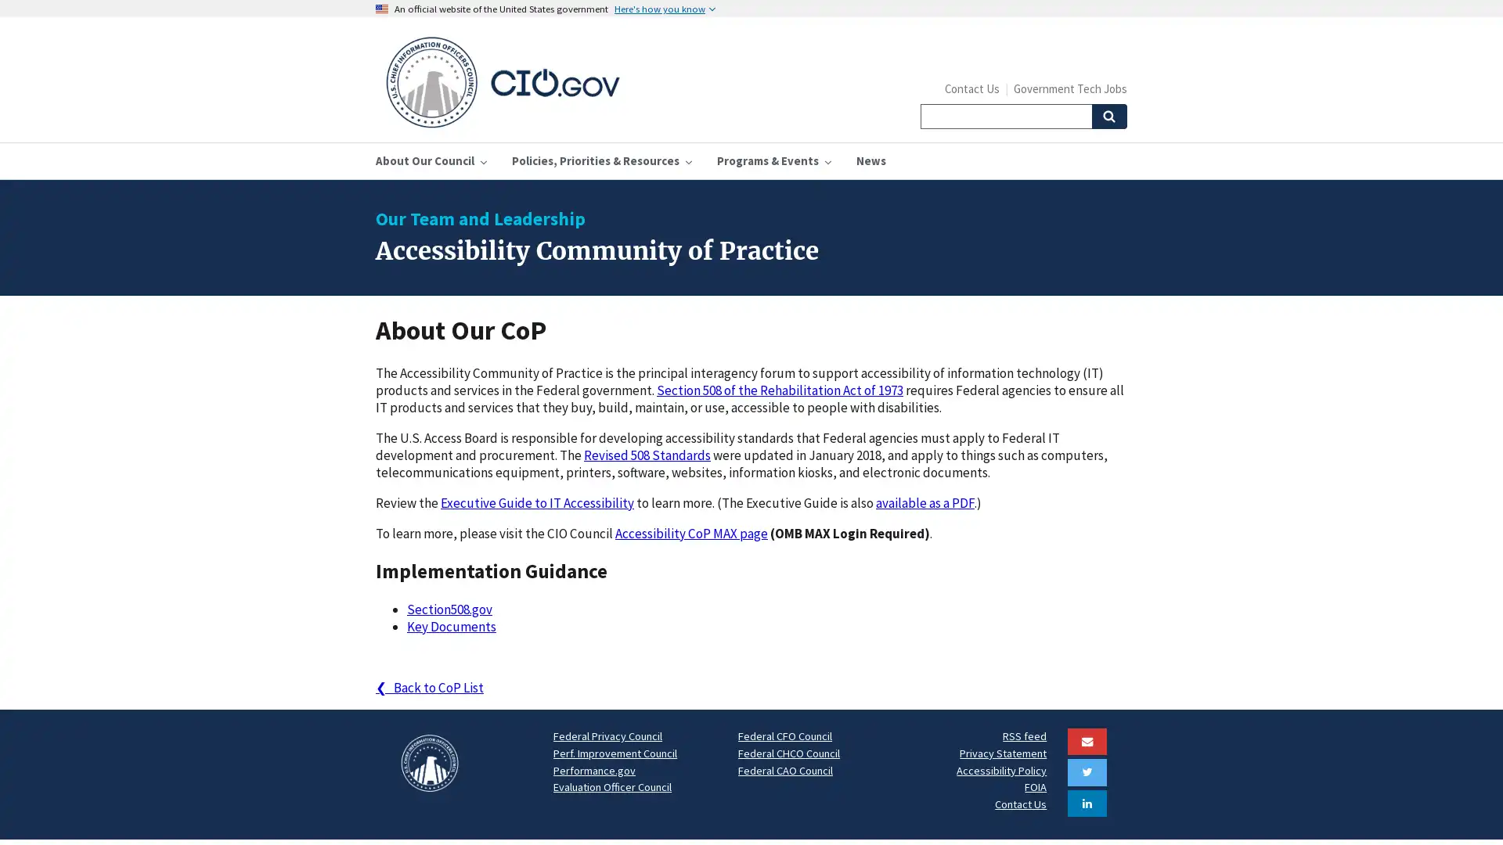 The height and width of the screenshot is (845, 1503). I want to click on Policies, Priorities & Resources, so click(600, 160).